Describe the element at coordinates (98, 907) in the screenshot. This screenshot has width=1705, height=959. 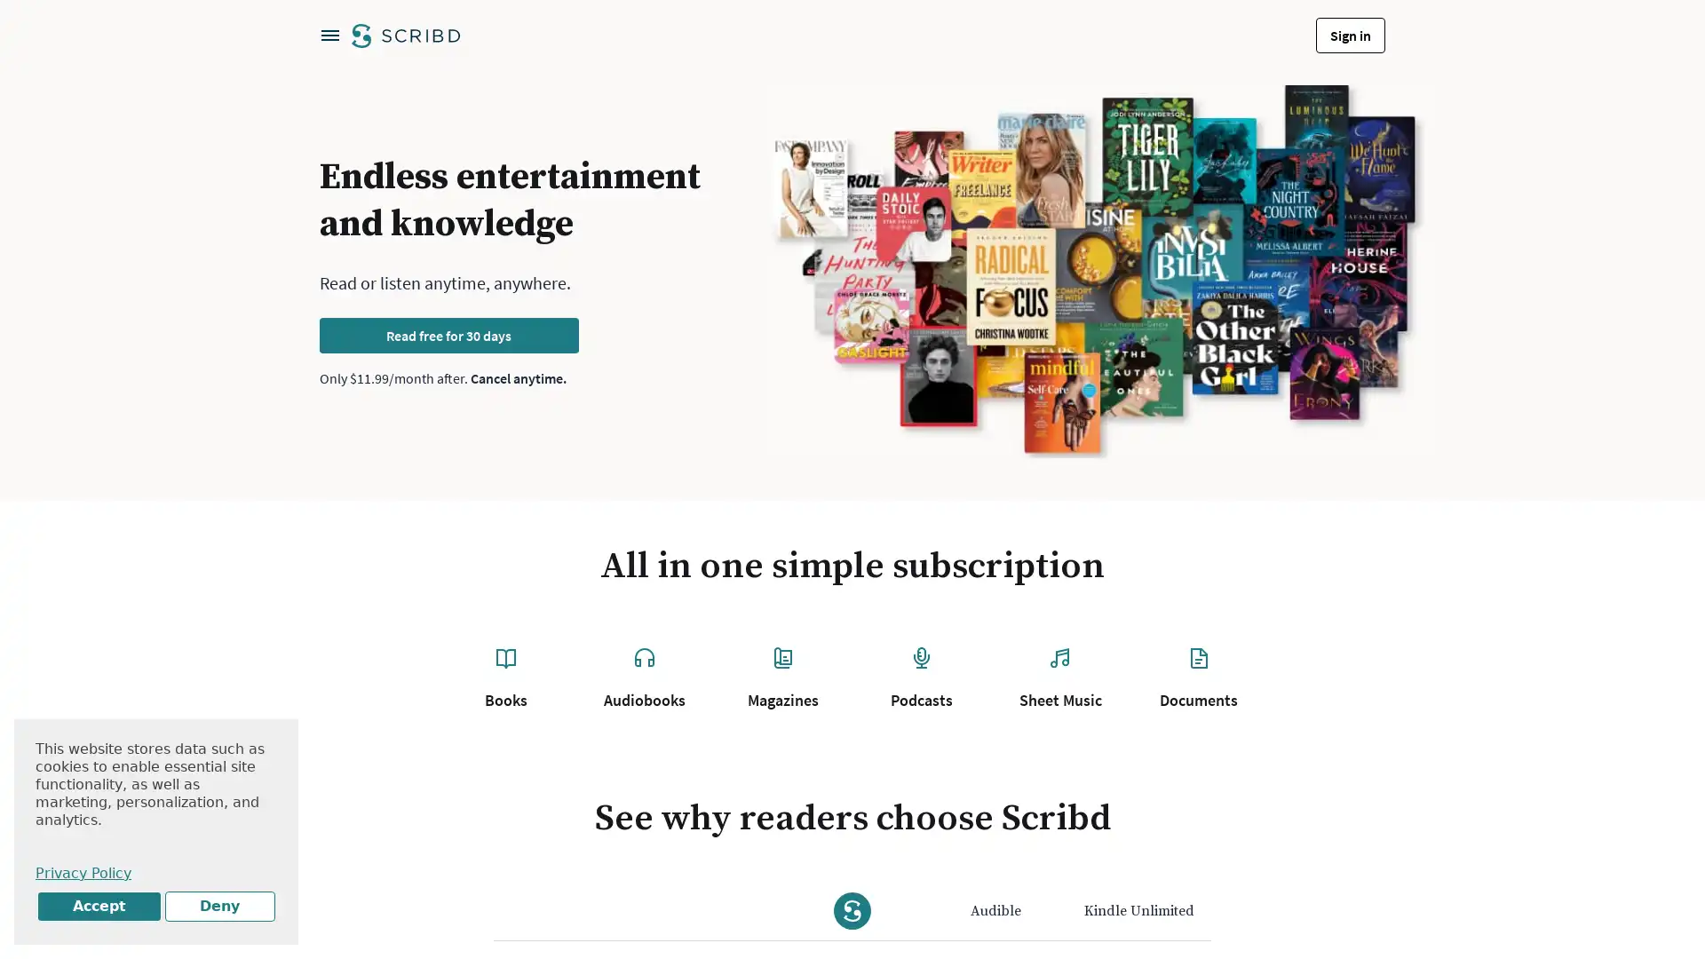
I see `Accept` at that location.